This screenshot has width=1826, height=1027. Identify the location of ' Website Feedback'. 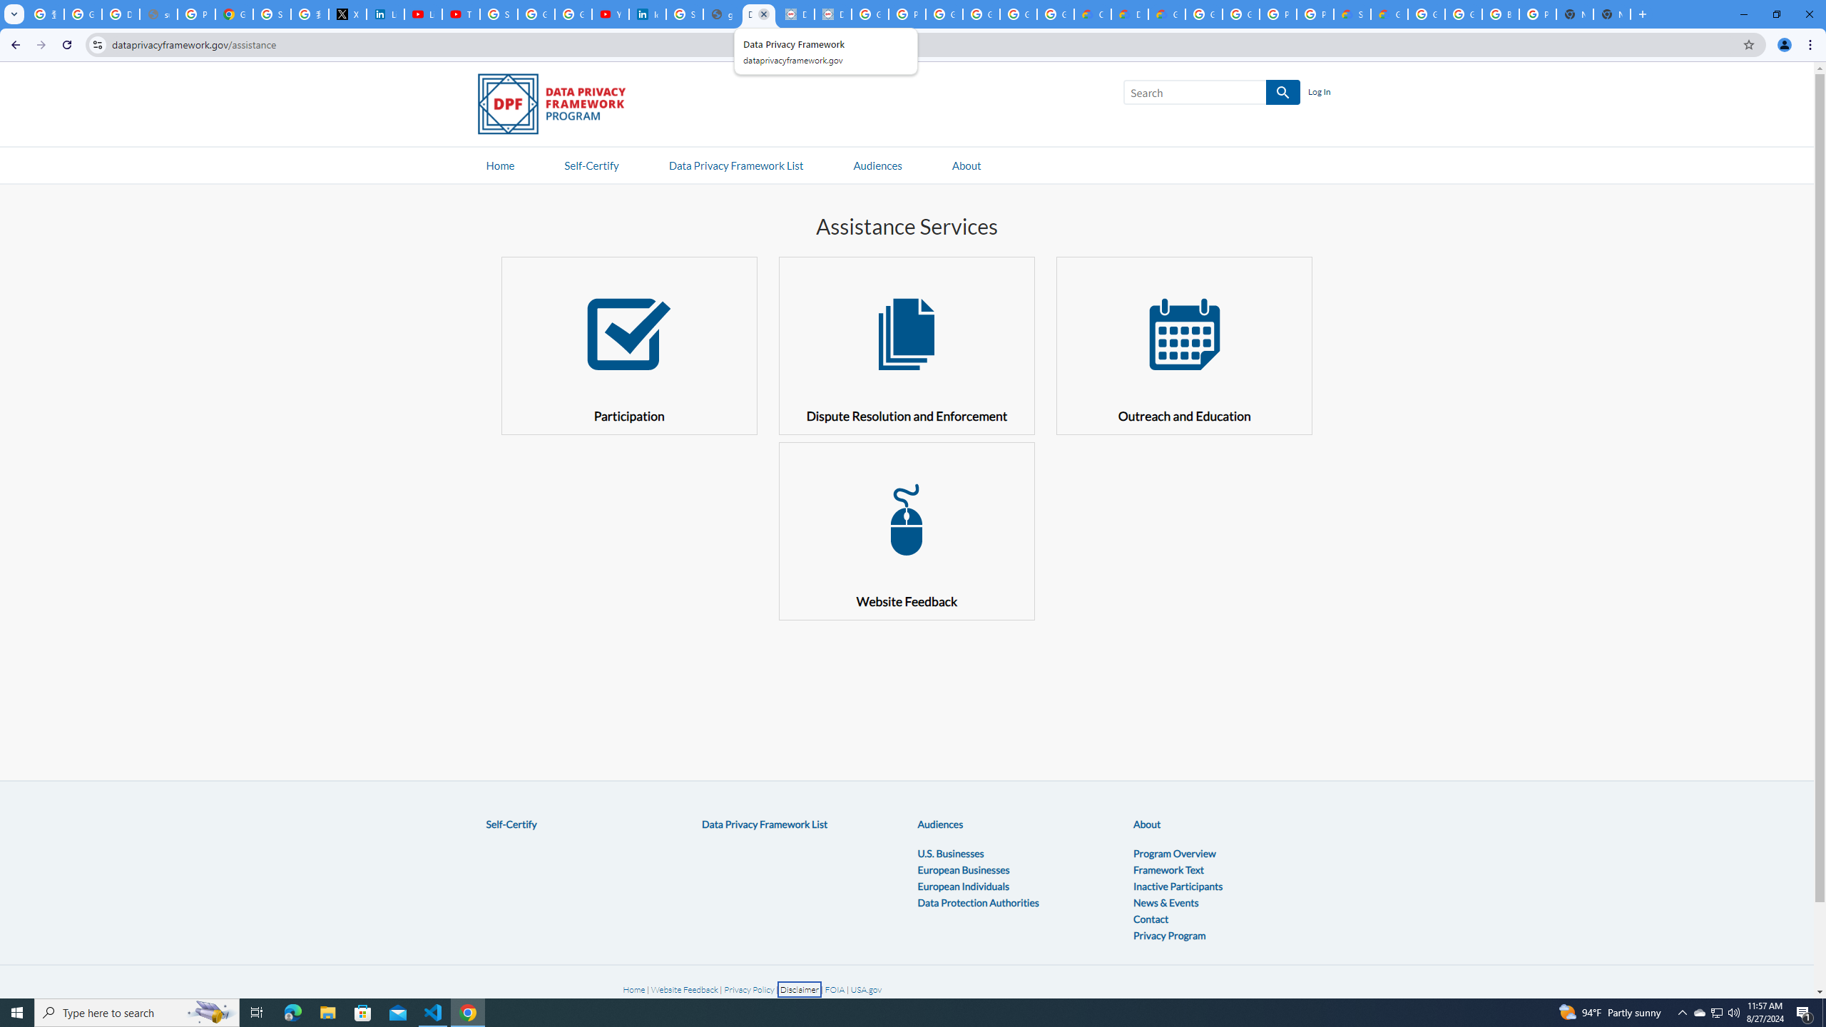
(907, 530).